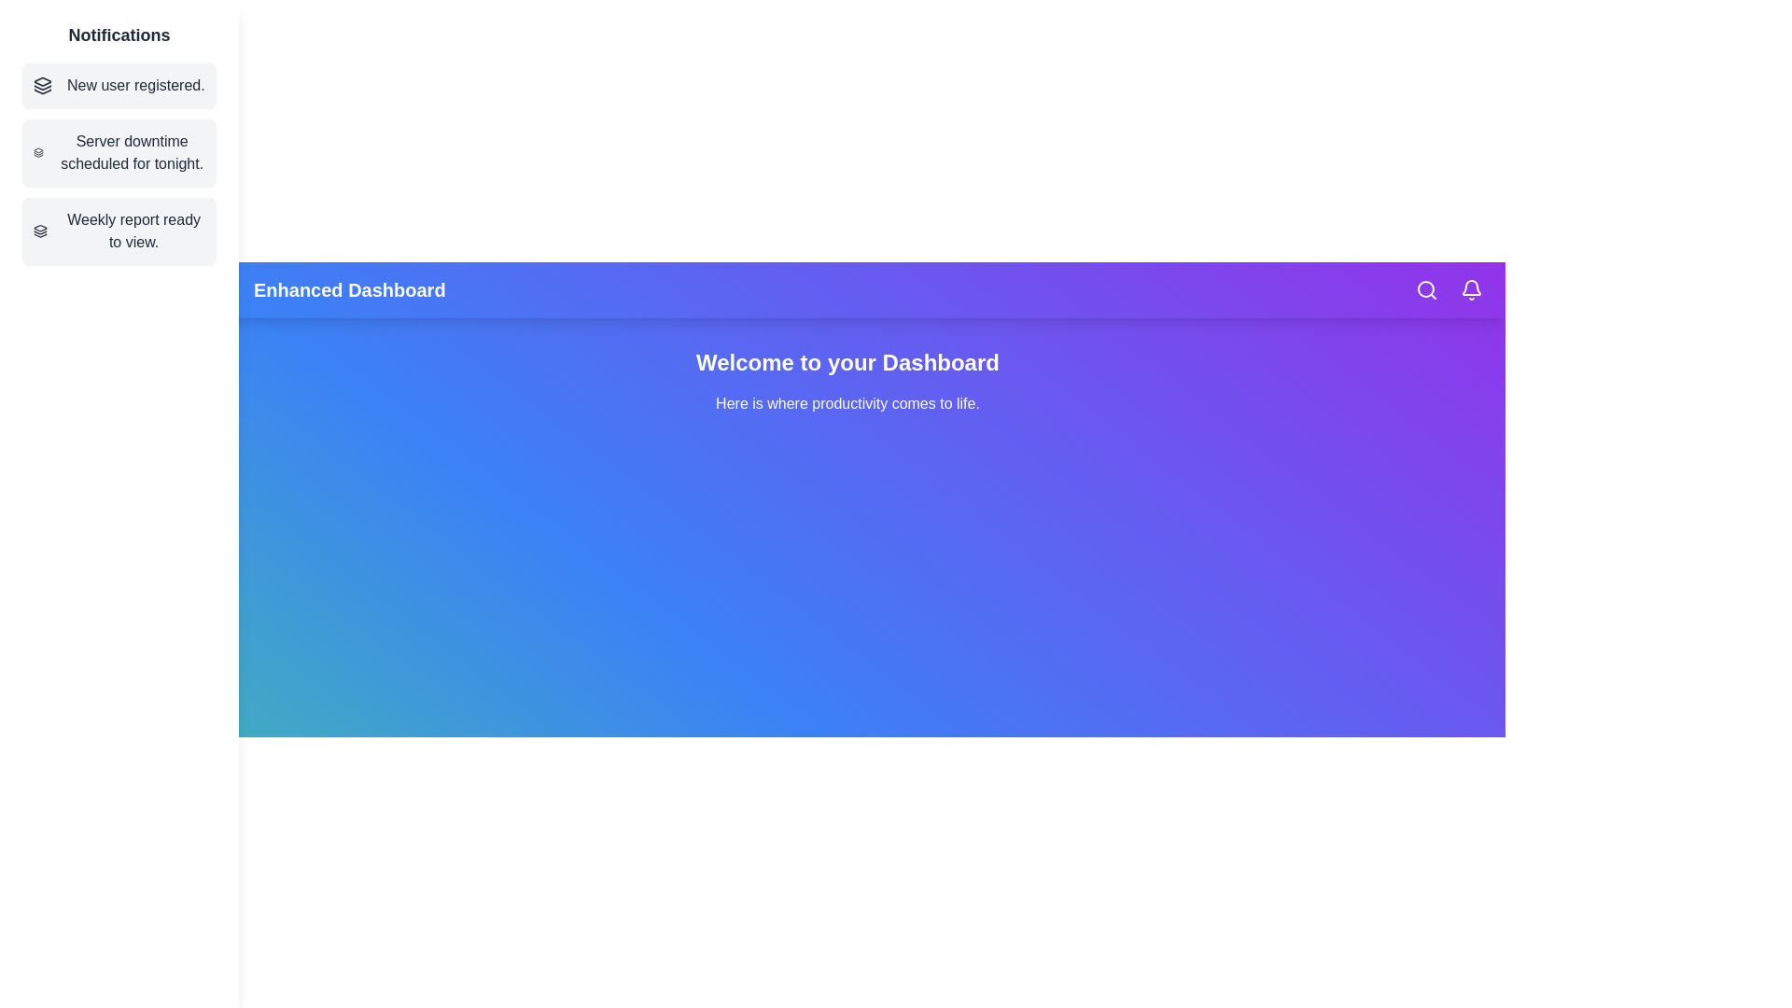  What do you see at coordinates (1426, 290) in the screenshot?
I see `the search icon to initiate a search` at bounding box center [1426, 290].